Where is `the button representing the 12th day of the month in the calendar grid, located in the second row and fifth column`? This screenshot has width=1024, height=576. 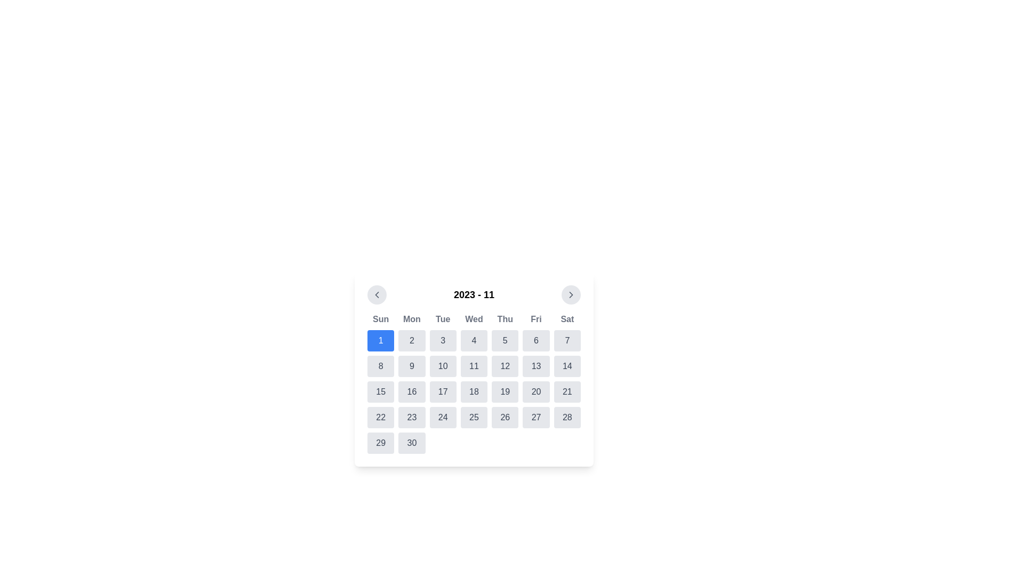
the button representing the 12th day of the month in the calendar grid, located in the second row and fifth column is located at coordinates (505, 365).